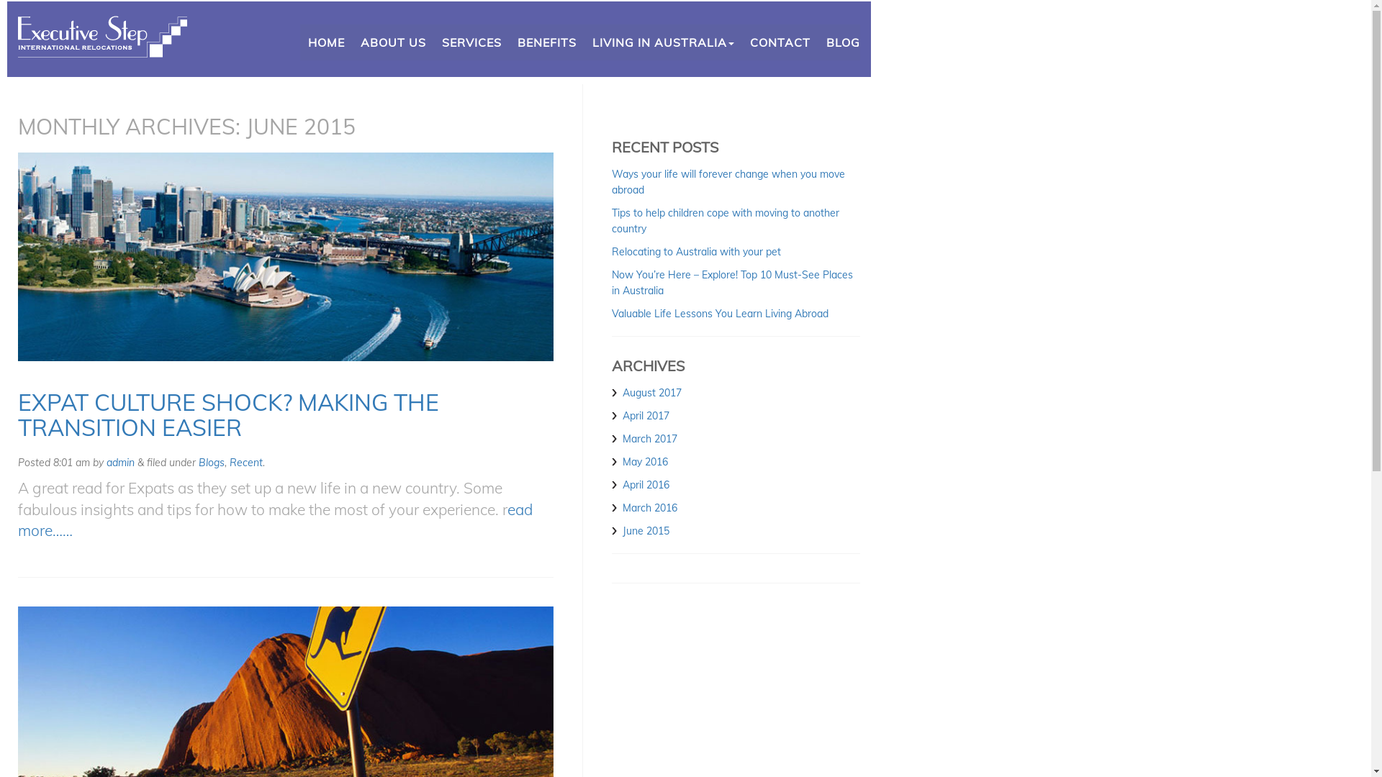 The width and height of the screenshot is (1382, 777). What do you see at coordinates (106, 463) in the screenshot?
I see `'admin'` at bounding box center [106, 463].